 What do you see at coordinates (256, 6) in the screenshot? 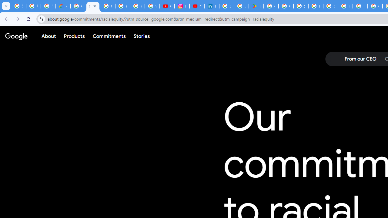
I see `'Last Shelter: Survival - Apps on Google Play'` at bounding box center [256, 6].